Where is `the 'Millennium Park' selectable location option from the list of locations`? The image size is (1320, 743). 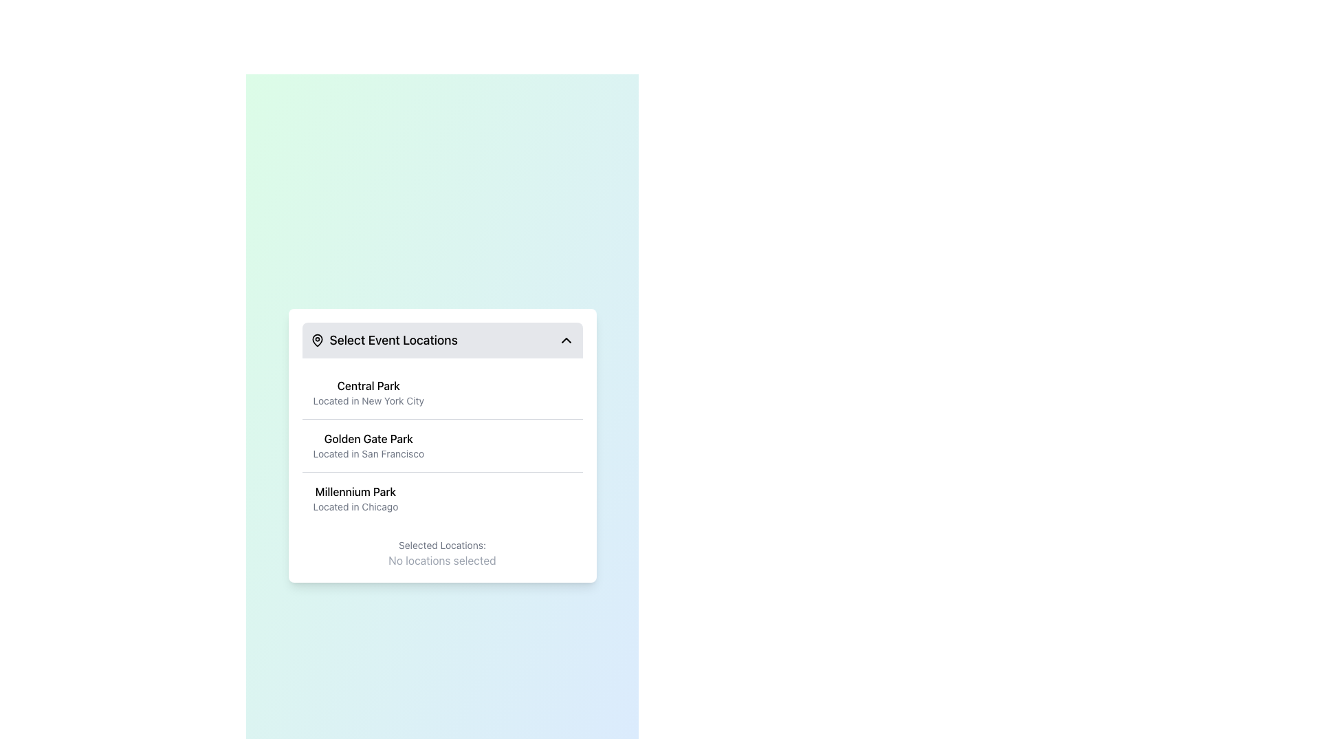
the 'Millennium Park' selectable location option from the list of locations is located at coordinates (355, 499).